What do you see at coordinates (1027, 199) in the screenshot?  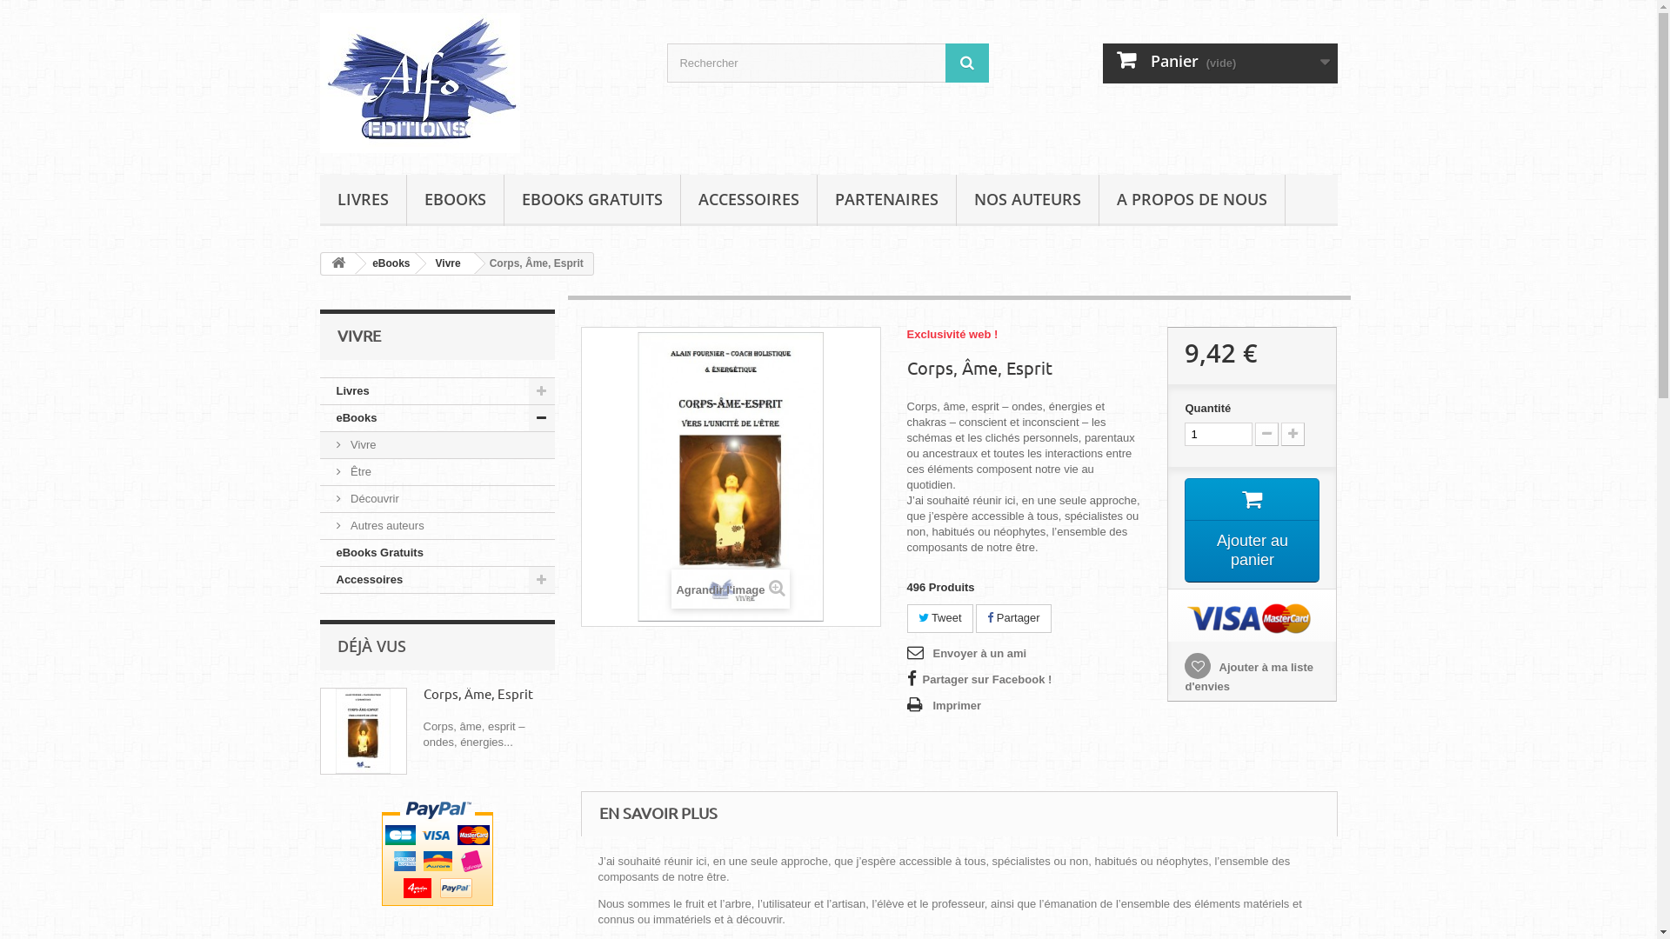 I see `'NOS AUTEURS'` at bounding box center [1027, 199].